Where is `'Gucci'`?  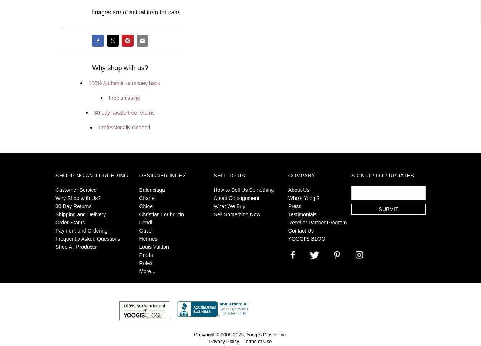
'Gucci' is located at coordinates (146, 231).